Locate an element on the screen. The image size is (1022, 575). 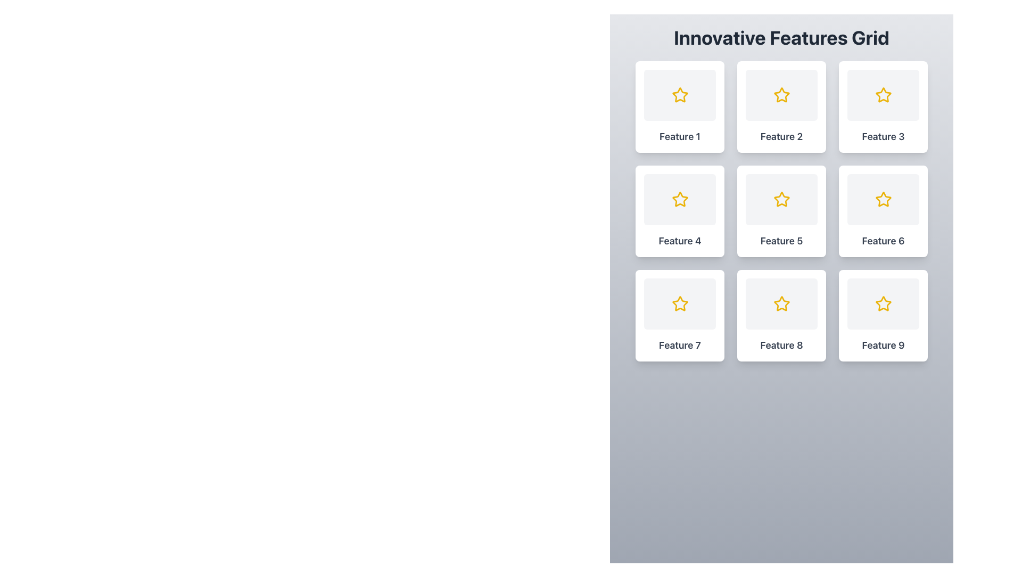
the Text Label located on the second card of the first row in the grid layout, which provides descriptive context for users is located at coordinates (781, 136).